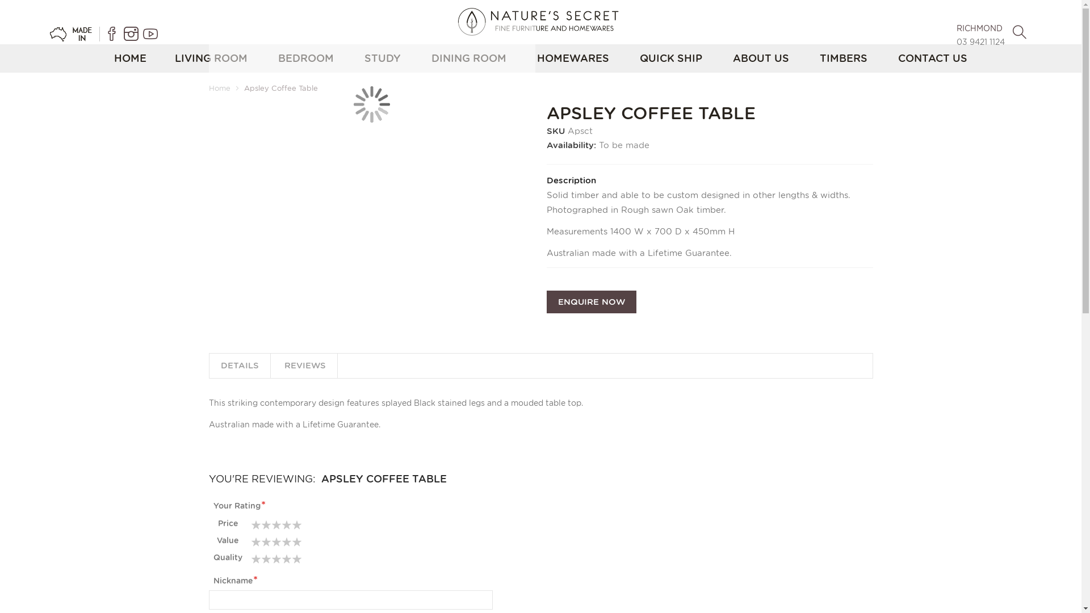 This screenshot has height=613, width=1090. What do you see at coordinates (468, 58) in the screenshot?
I see `'DINING ROOM'` at bounding box center [468, 58].